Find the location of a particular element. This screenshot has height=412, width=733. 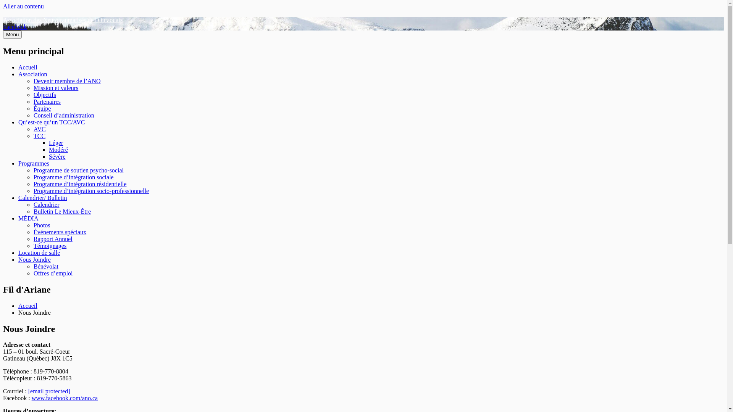

'Programmes' is located at coordinates (33, 163).